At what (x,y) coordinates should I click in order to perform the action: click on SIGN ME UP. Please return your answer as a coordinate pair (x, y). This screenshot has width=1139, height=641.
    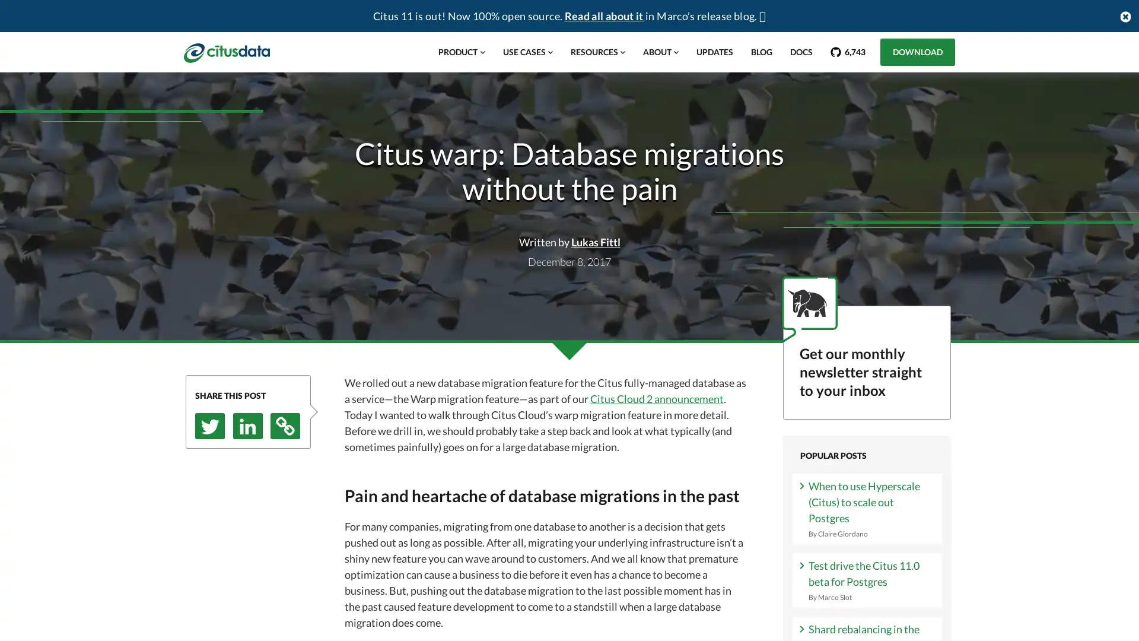
    Looking at the image, I should click on (866, 485).